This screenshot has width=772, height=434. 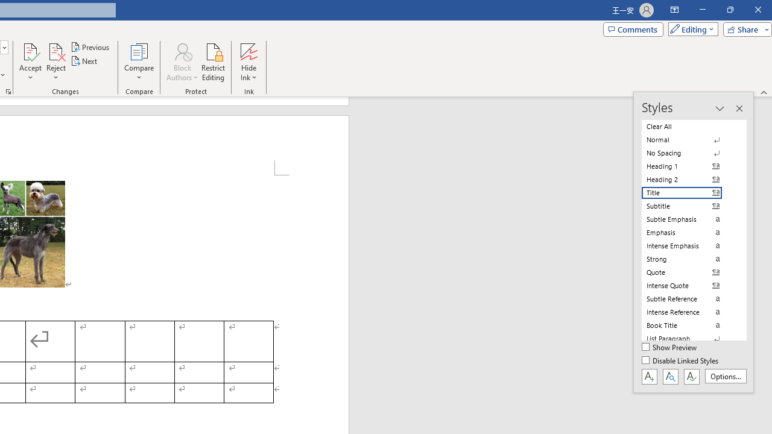 What do you see at coordinates (182, 62) in the screenshot?
I see `'Block Authors'` at bounding box center [182, 62].